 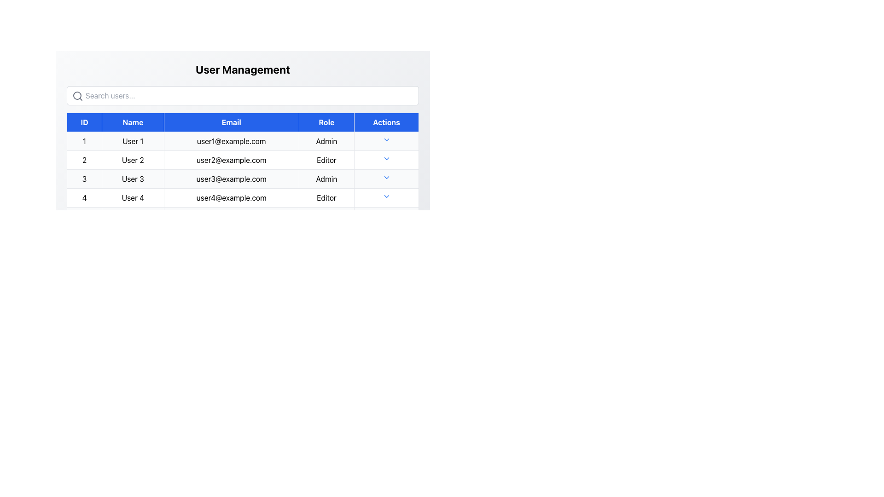 I want to click on the fourth row in the user management table which includes user details such as ID, name, email, role, and actions, so click(x=243, y=197).